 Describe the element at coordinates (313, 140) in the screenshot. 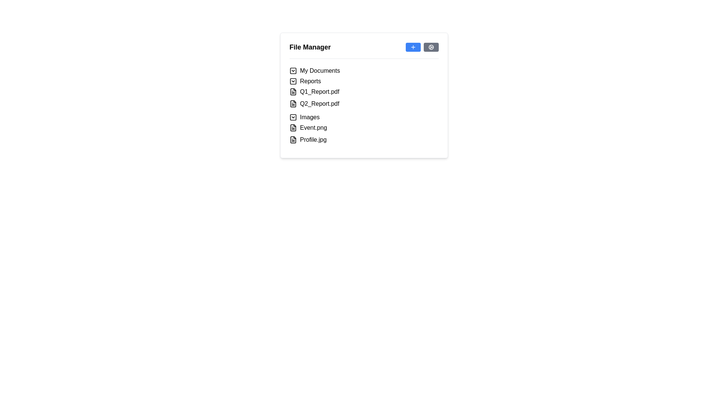

I see `the text label representing the file named 'Profile.jpg' in the file manager interface, which is the last entry in the list of files and folders` at that location.